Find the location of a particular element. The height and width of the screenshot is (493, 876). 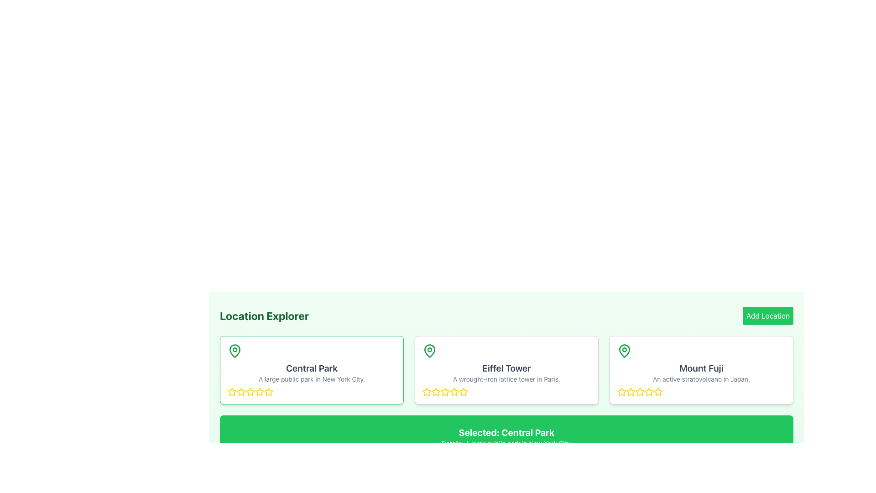

the location icon representing the Eiffel Tower on the card, positioned at the top-left corner next to the title text area is located at coordinates (429, 350).